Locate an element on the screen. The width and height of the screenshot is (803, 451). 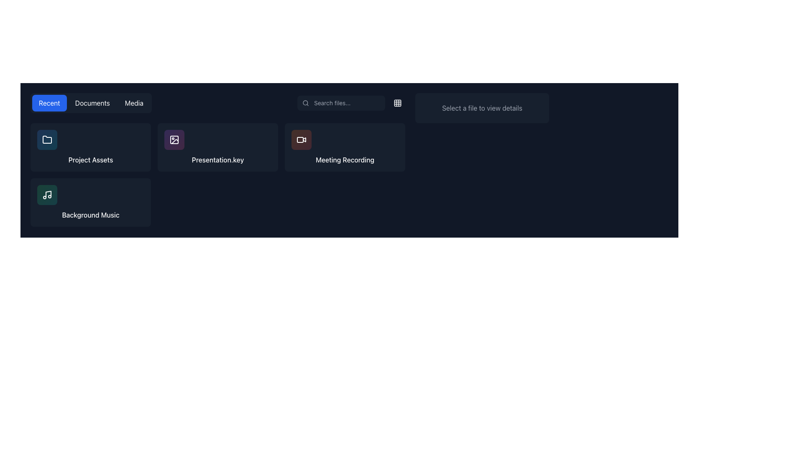
the instructional Static Text located on the top-right side of the interface, which guides the user to select a file is located at coordinates (482, 107).